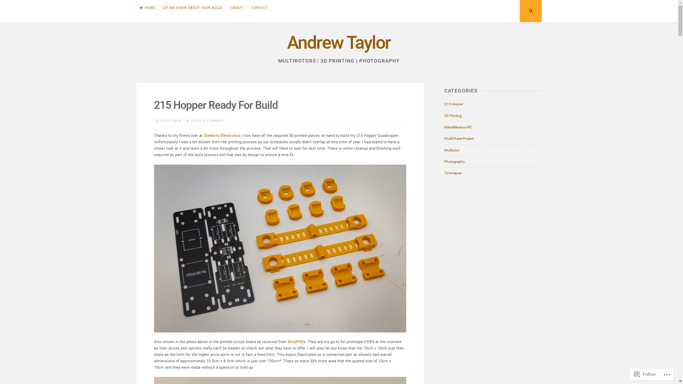 The height and width of the screenshot is (384, 683). Describe the element at coordinates (451, 150) in the screenshot. I see `'Multirotor'` at that location.